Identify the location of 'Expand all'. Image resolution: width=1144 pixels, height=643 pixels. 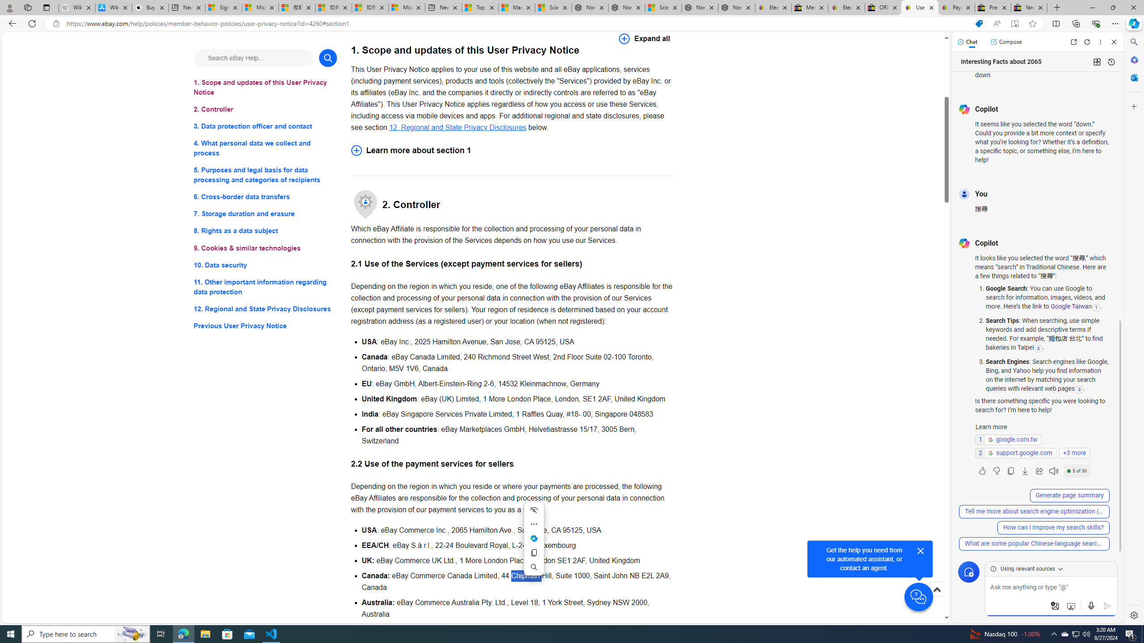
(644, 38).